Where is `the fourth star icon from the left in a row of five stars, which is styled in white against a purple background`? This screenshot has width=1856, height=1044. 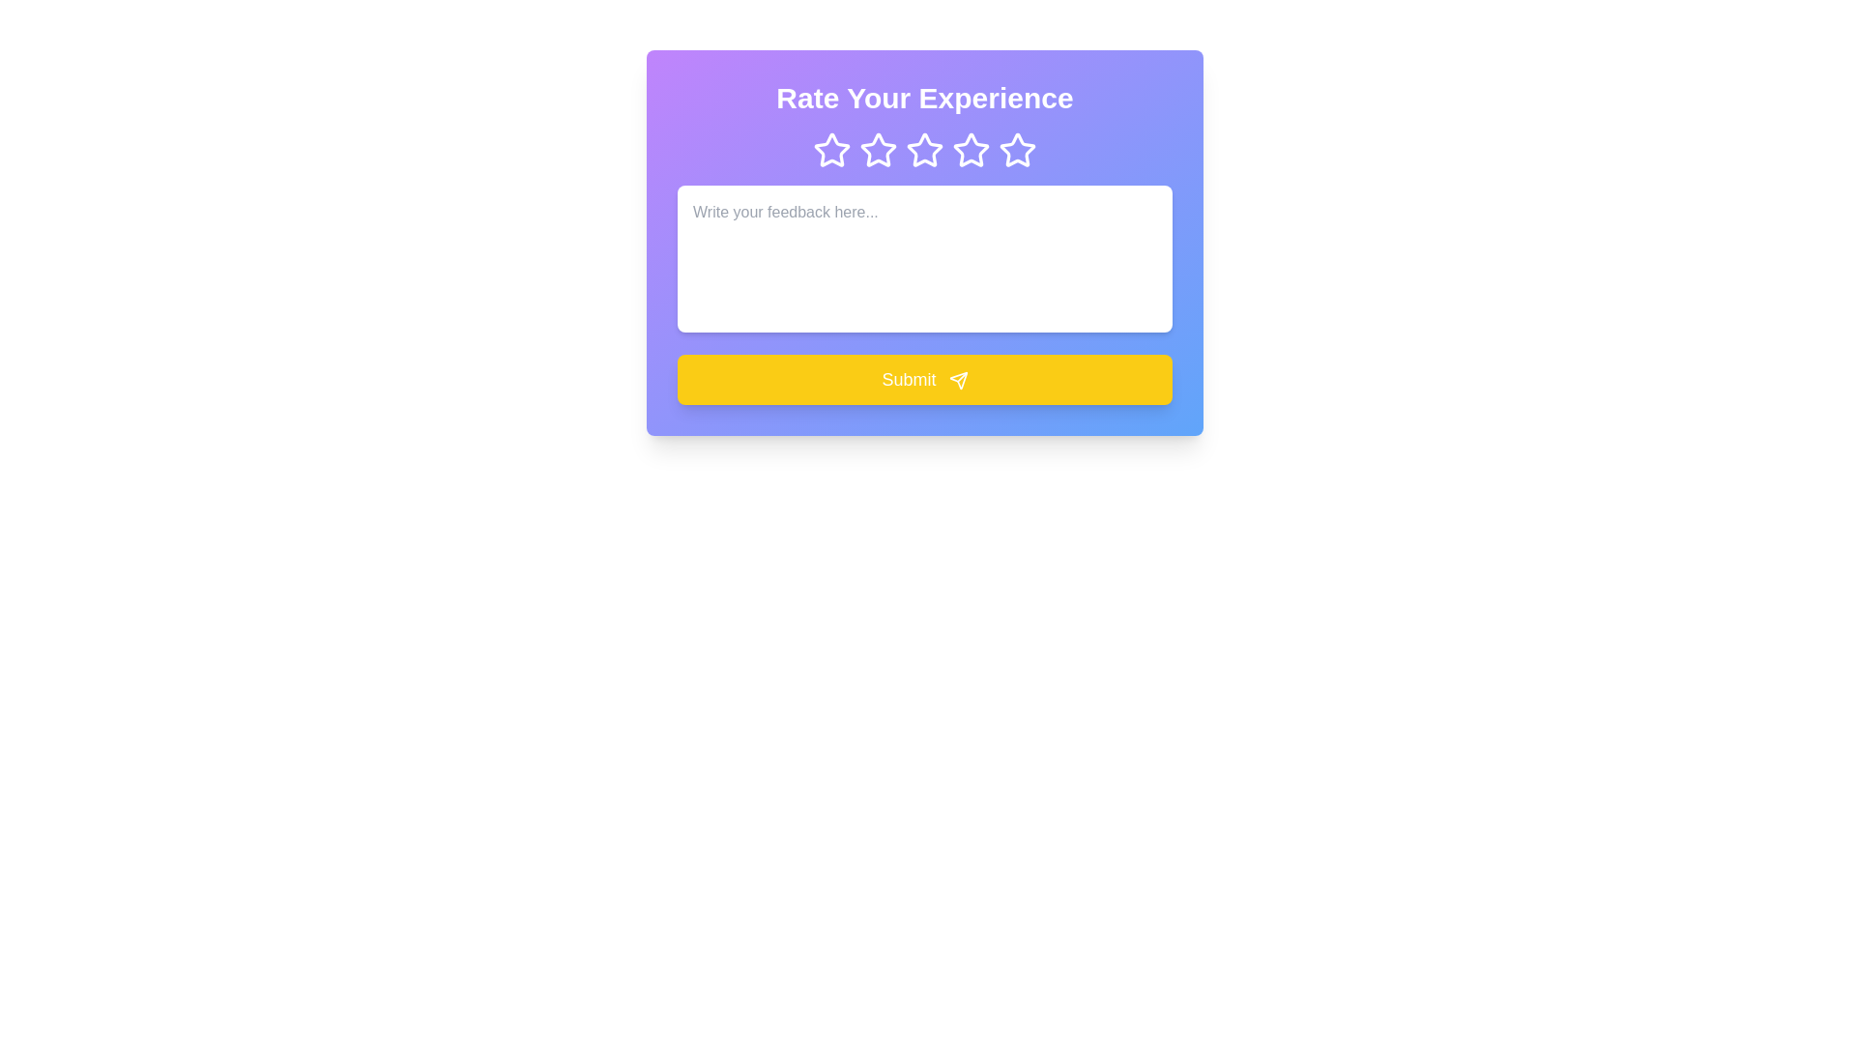 the fourth star icon from the left in a row of five stars, which is styled in white against a purple background is located at coordinates (971, 149).